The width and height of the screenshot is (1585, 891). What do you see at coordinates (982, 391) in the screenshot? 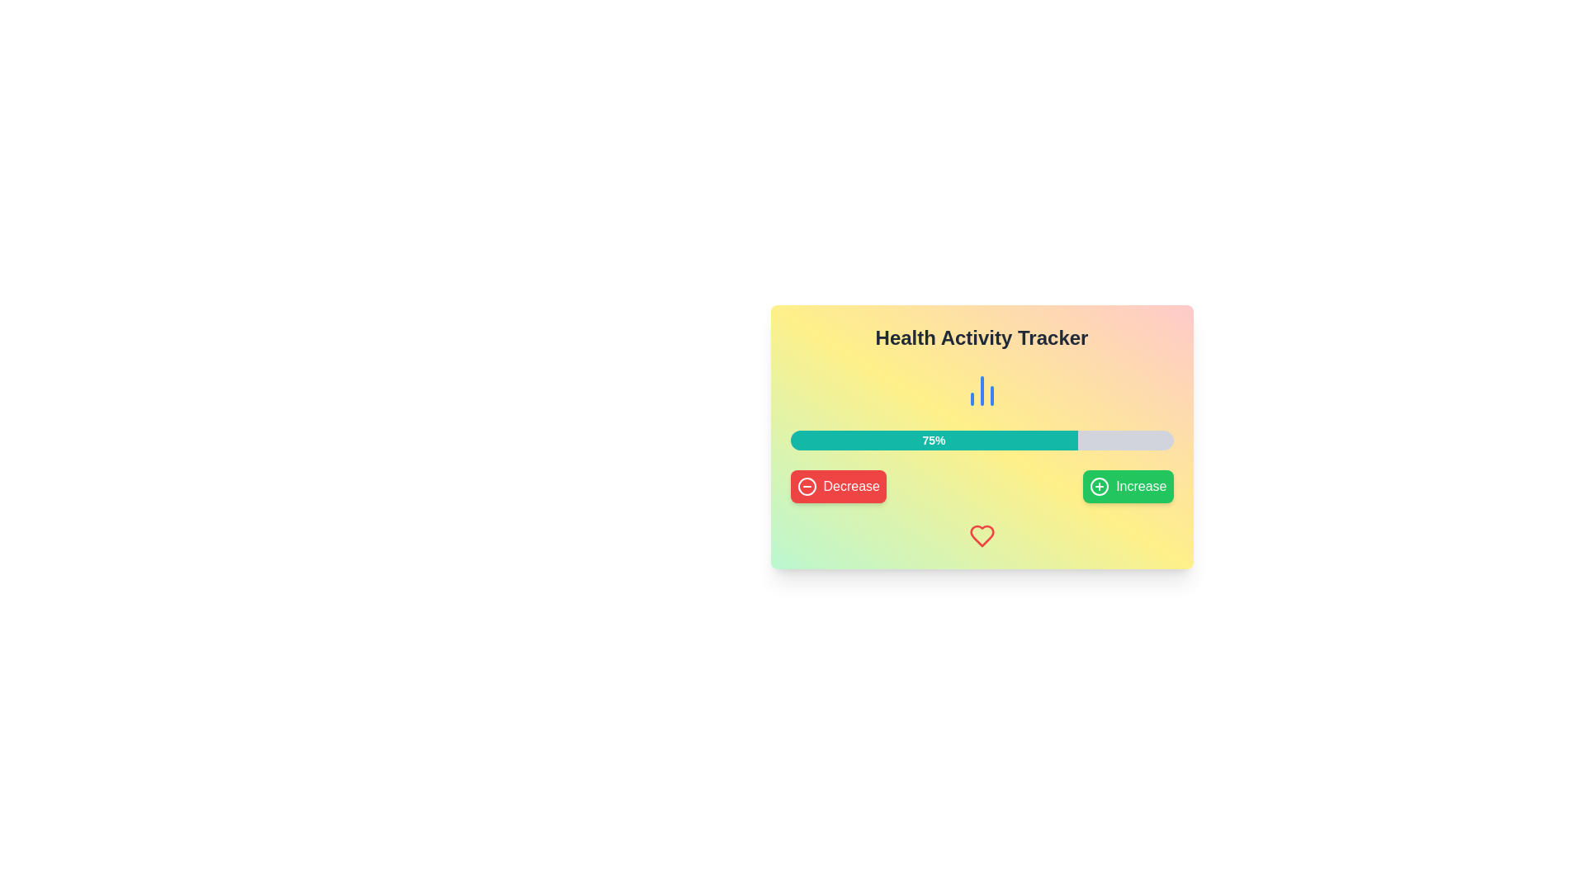
I see `the statistics analysis icon located centrally beneath the 'Health Activity Tracker' title and above the progress bar` at bounding box center [982, 391].